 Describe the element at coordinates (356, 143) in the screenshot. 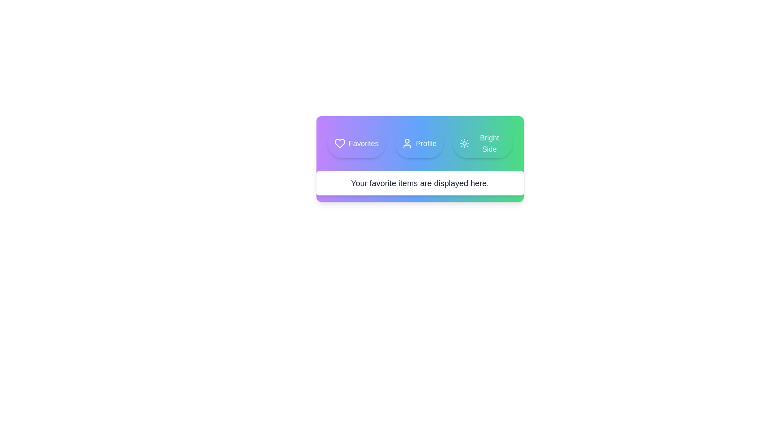

I see `the Favorites tab to observe its hover effect` at that location.